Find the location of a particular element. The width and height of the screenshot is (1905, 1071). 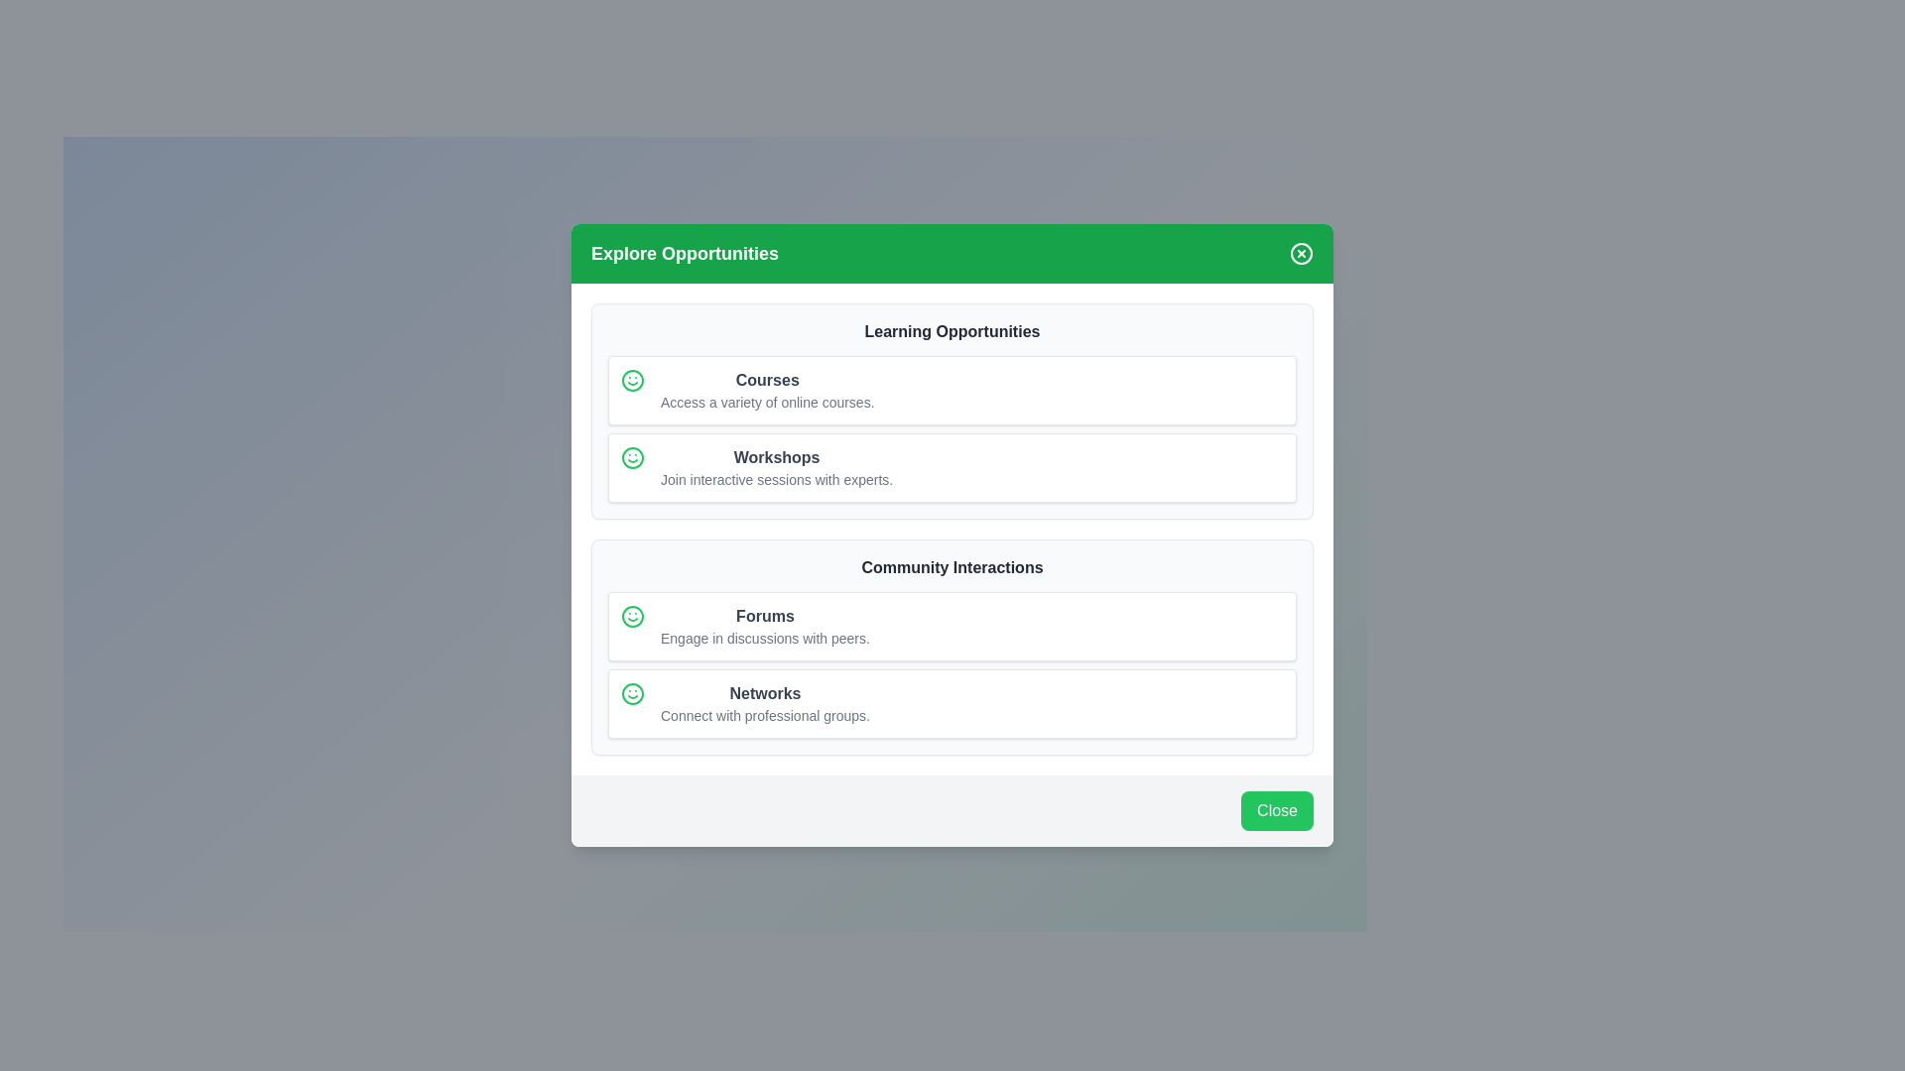

the circular shape element with a green border that is part of the smiley face design, located to the left of the 'Networks' label in the 'Community Interactions' subsection is located at coordinates (632, 692).